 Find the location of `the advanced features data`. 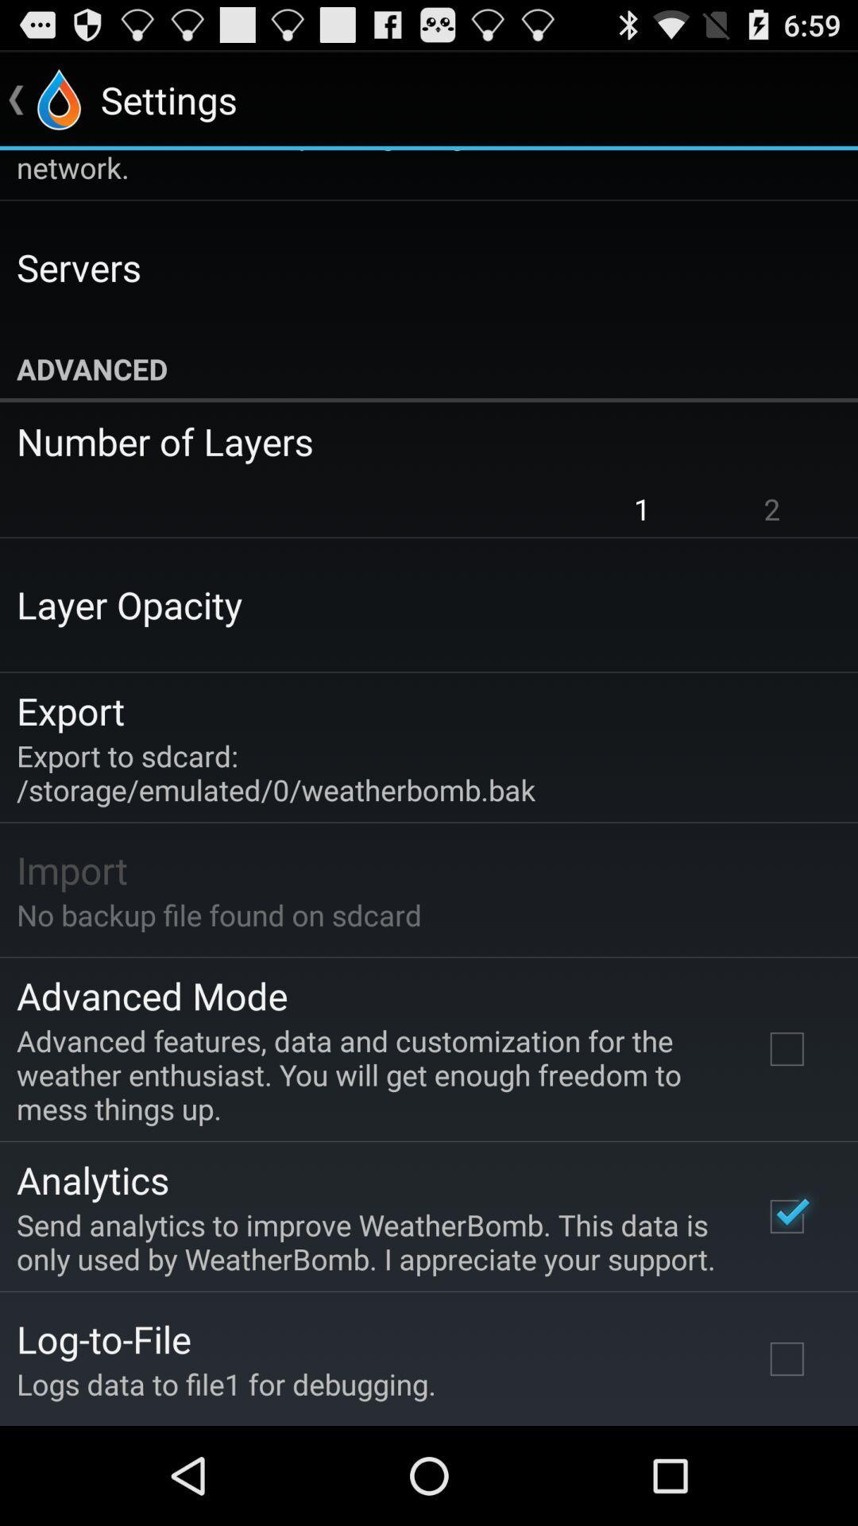

the advanced features data is located at coordinates (368, 1075).